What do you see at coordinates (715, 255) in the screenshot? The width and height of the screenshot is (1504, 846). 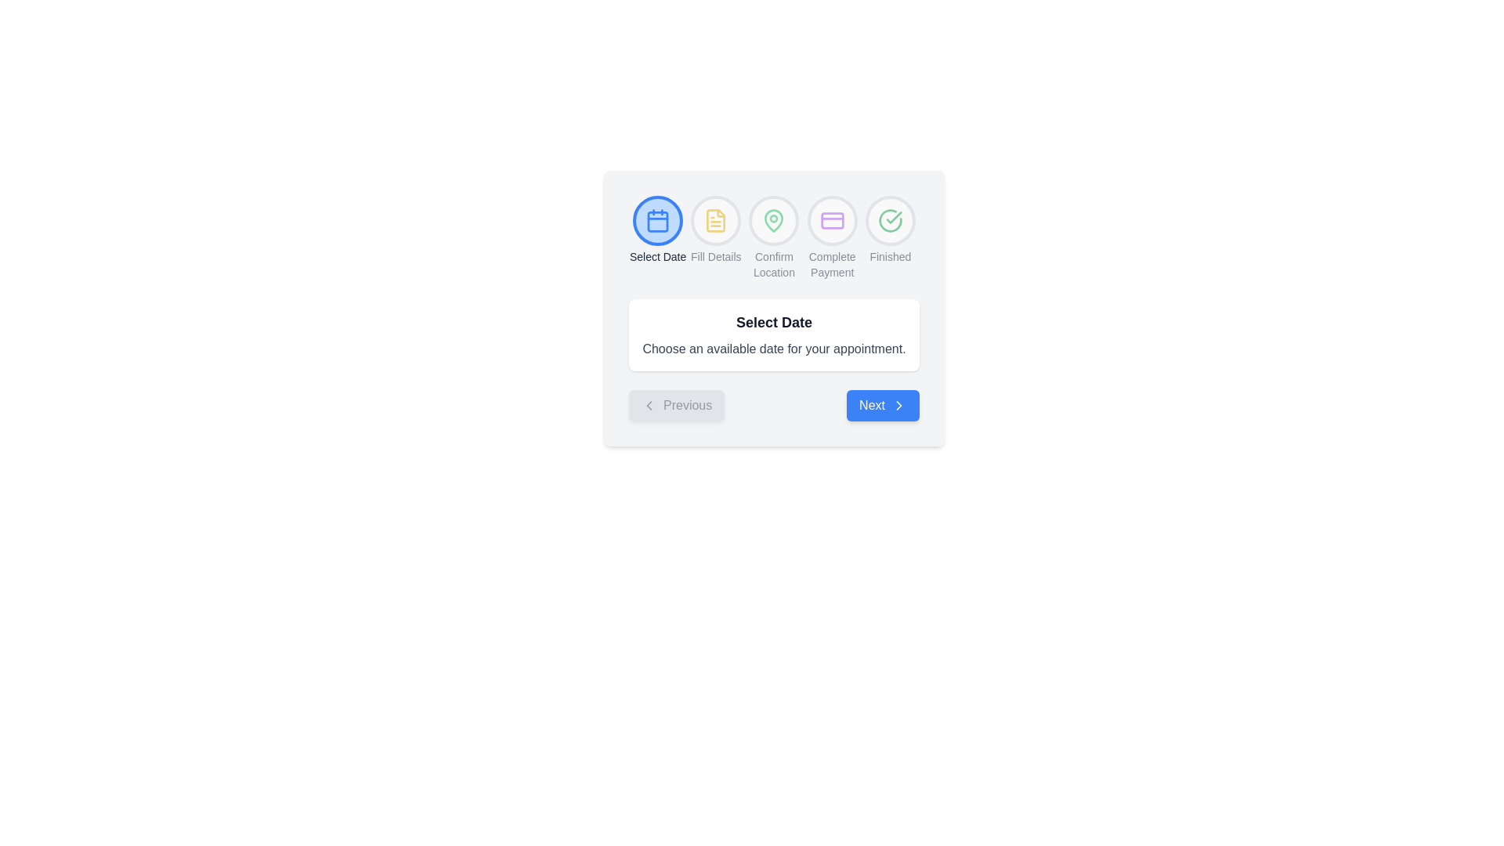 I see `the 'Fill Details' text label, which is styled in a small gray font and positioned under the second step of a multi-step indicator interface, located between the 'Select Date' and 'Confirm Location' steps` at bounding box center [715, 255].